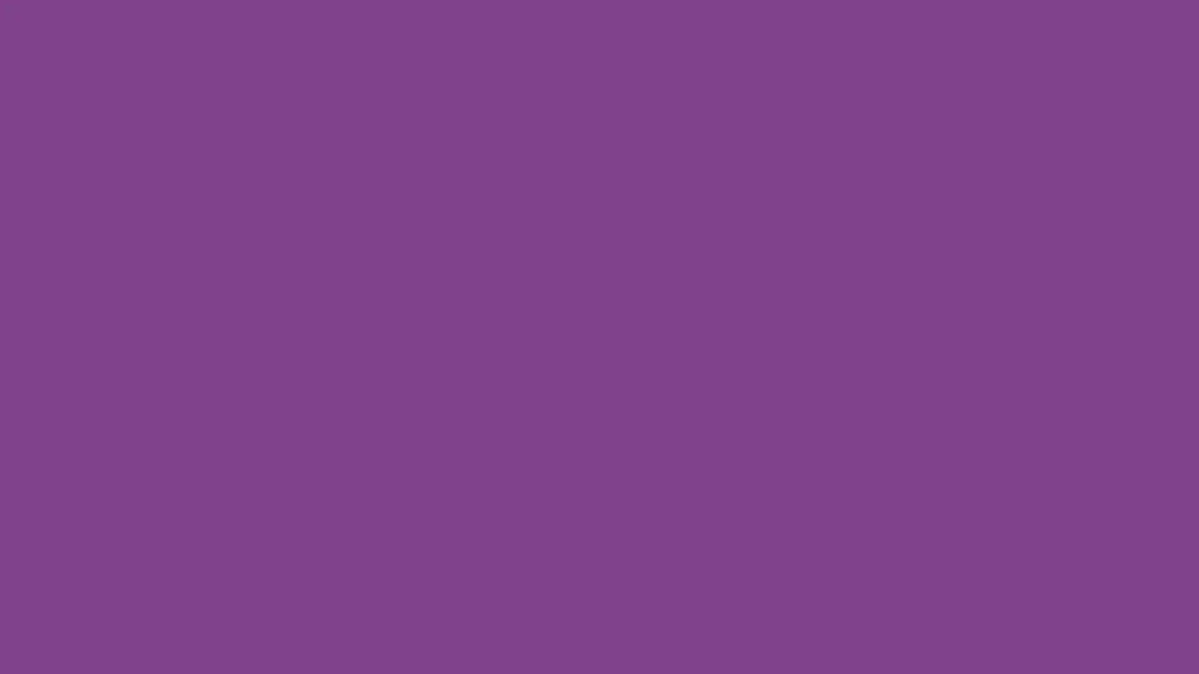 This screenshot has width=1199, height=674. I want to click on Search, so click(967, 58).